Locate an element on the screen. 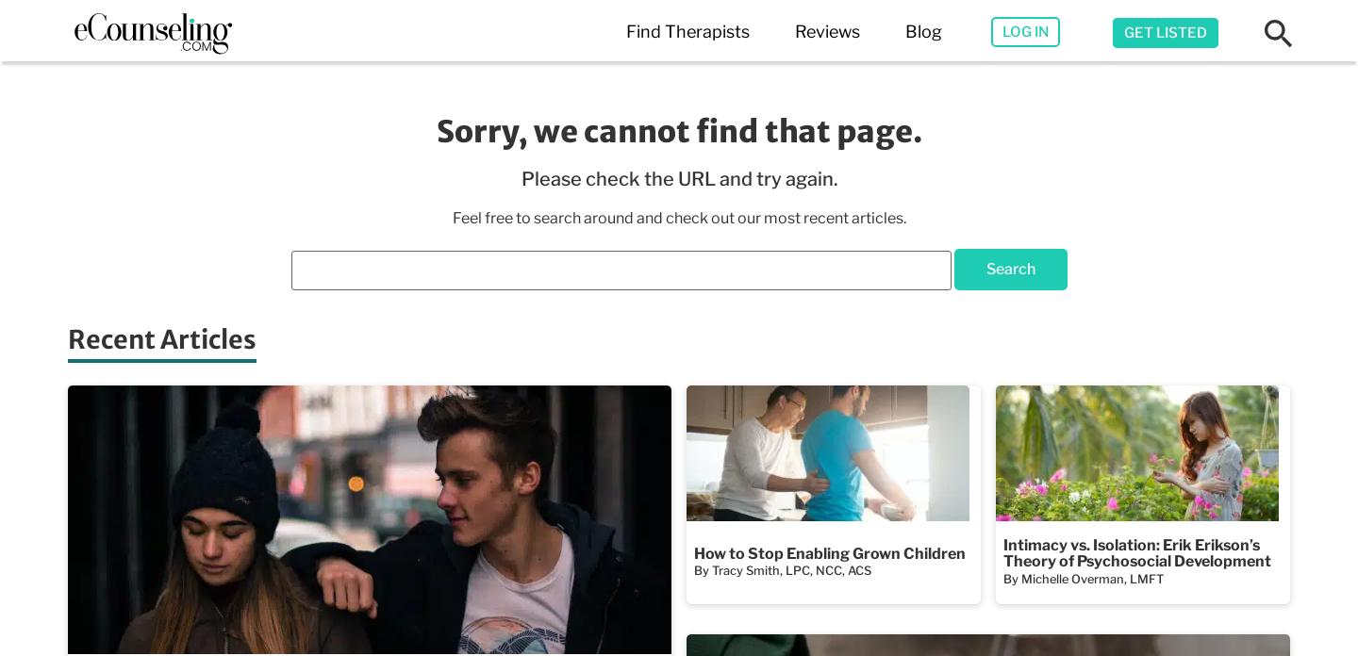 This screenshot has width=1358, height=656. 'Online-Therapy.com Review' is located at coordinates (959, 335).